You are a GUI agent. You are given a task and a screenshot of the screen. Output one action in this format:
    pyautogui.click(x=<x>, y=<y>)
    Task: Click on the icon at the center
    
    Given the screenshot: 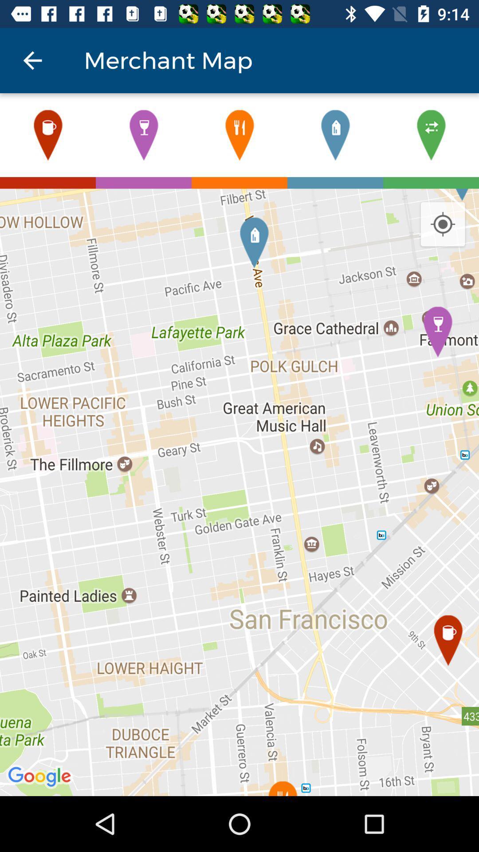 What is the action you would take?
    pyautogui.click(x=239, y=492)
    